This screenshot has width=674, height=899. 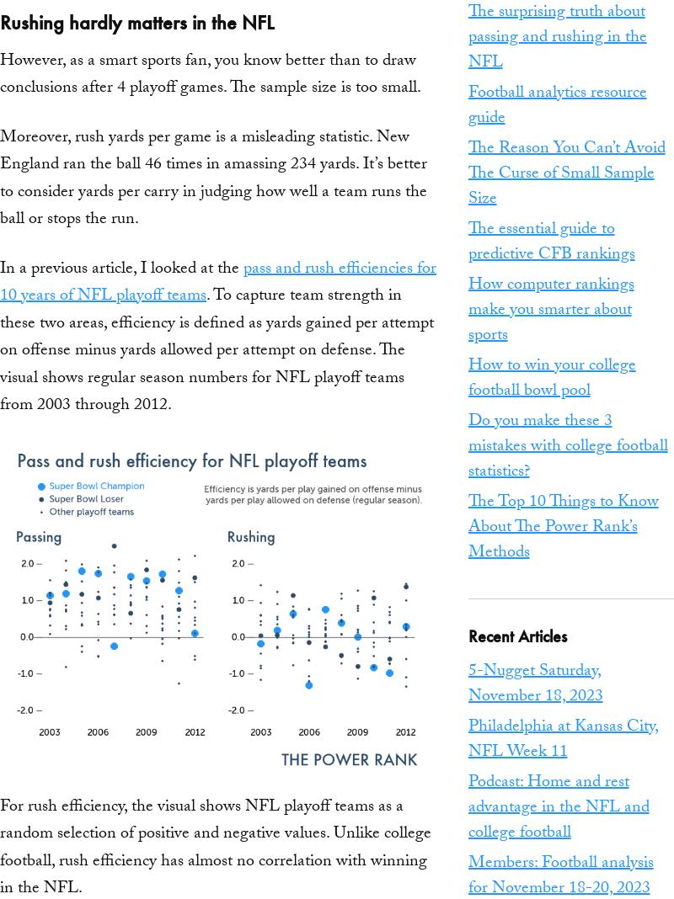 I want to click on 'Philadelphia at Kansas City, NFL Week 11', so click(x=563, y=740).